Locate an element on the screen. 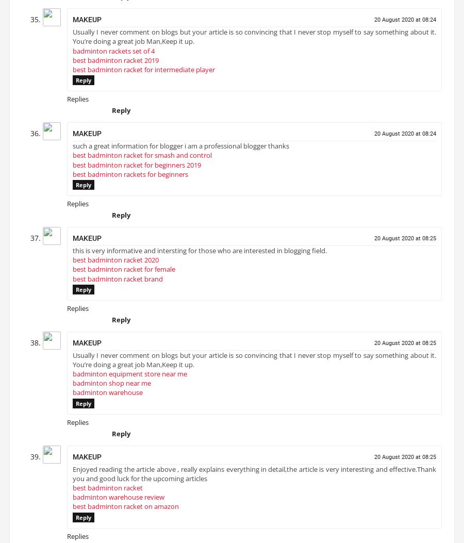 The width and height of the screenshot is (464, 543). 'best badminton racket on amazon' is located at coordinates (125, 511).